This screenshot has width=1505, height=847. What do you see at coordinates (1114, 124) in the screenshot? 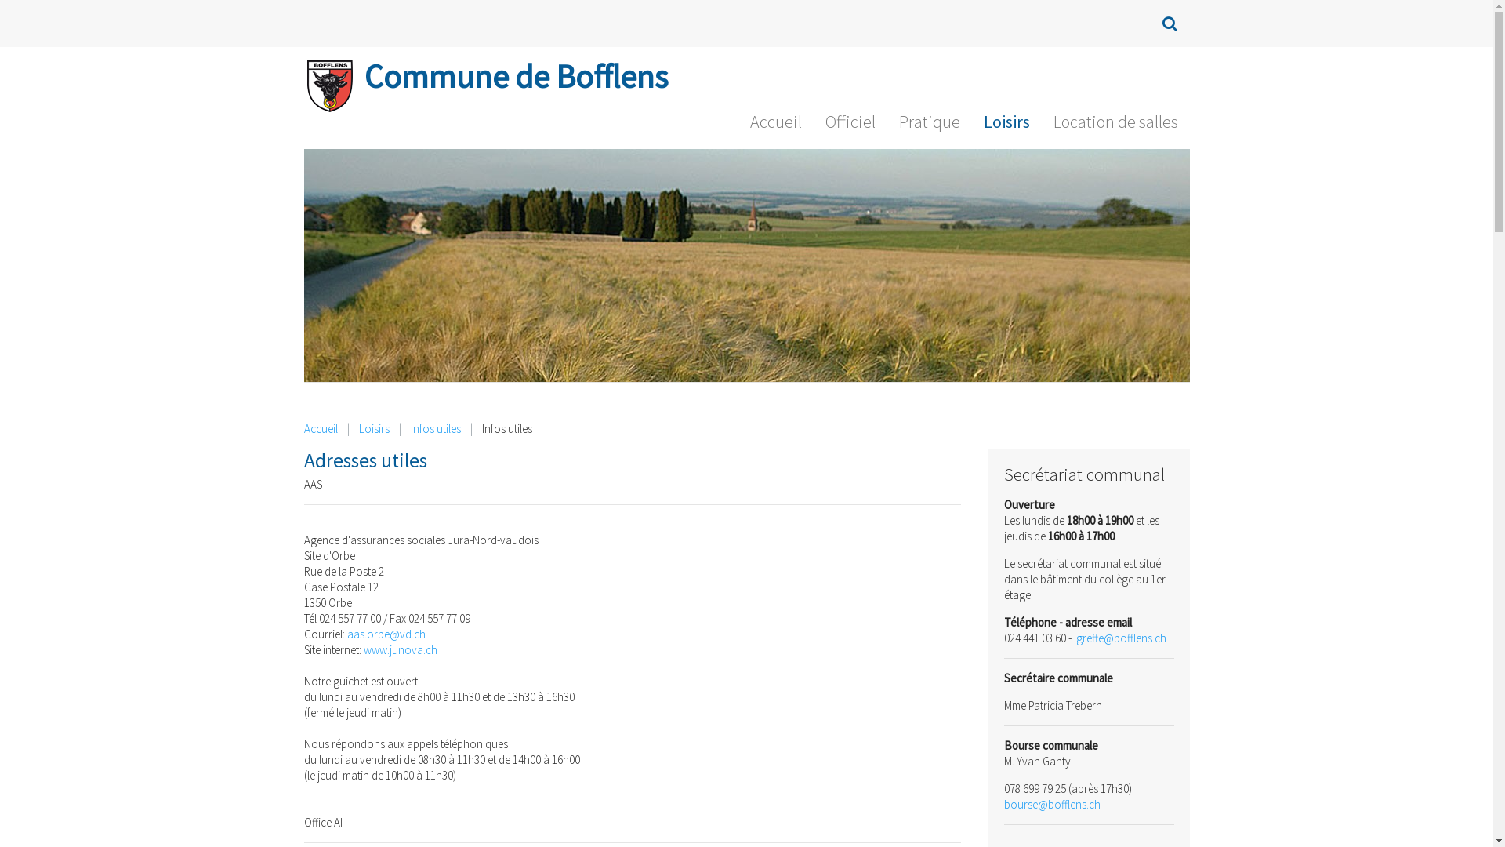
I see `'Location de salles'` at bounding box center [1114, 124].